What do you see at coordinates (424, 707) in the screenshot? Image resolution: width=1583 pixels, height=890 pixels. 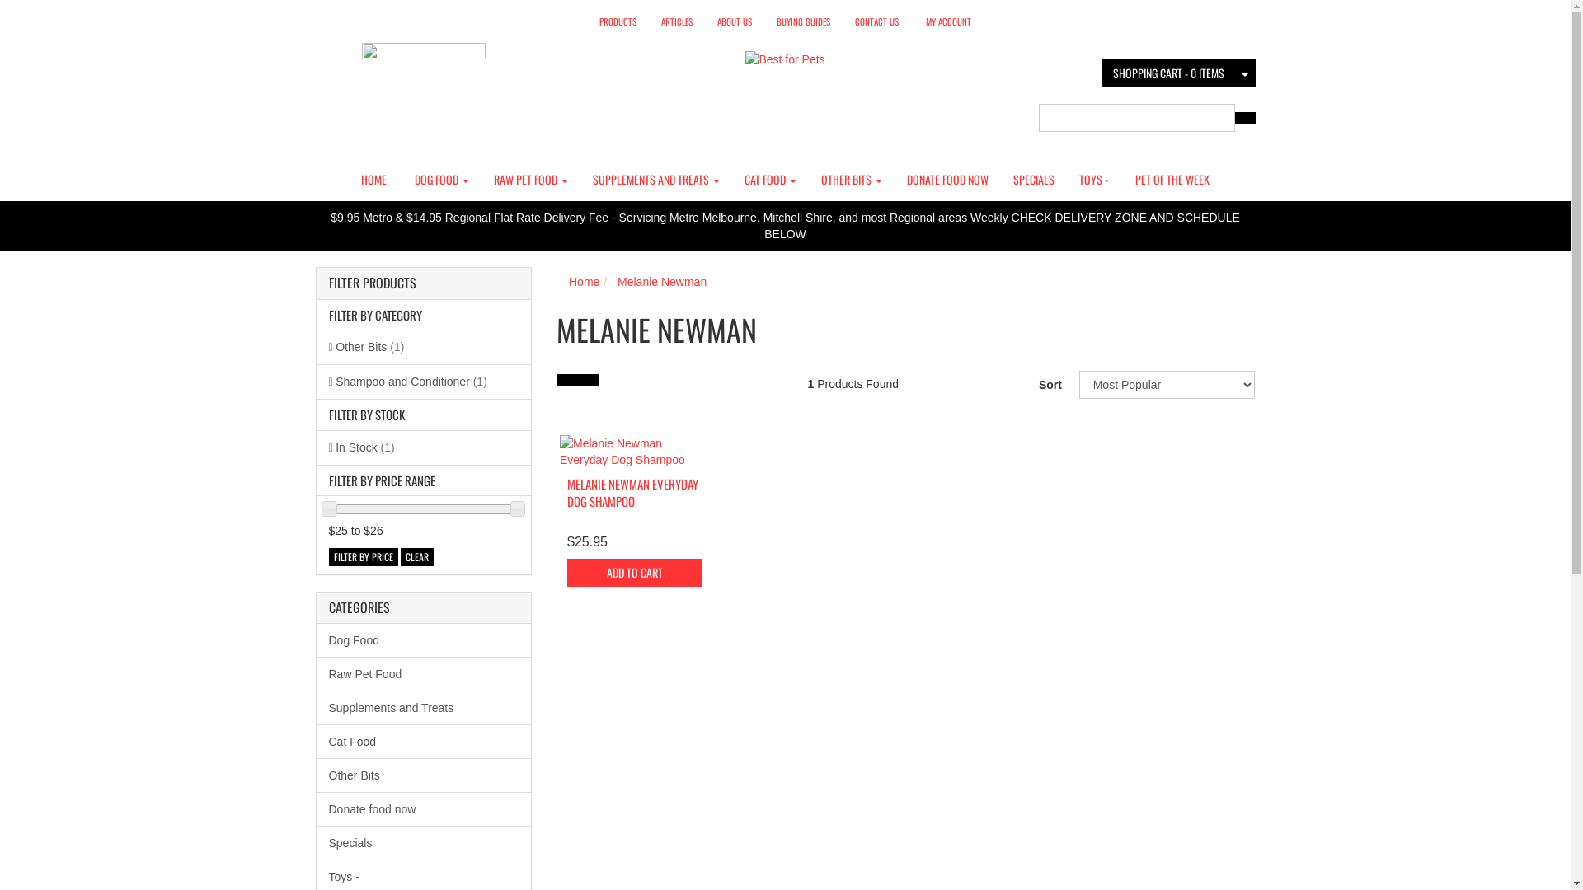 I see `'Supplements and Treats'` at bounding box center [424, 707].